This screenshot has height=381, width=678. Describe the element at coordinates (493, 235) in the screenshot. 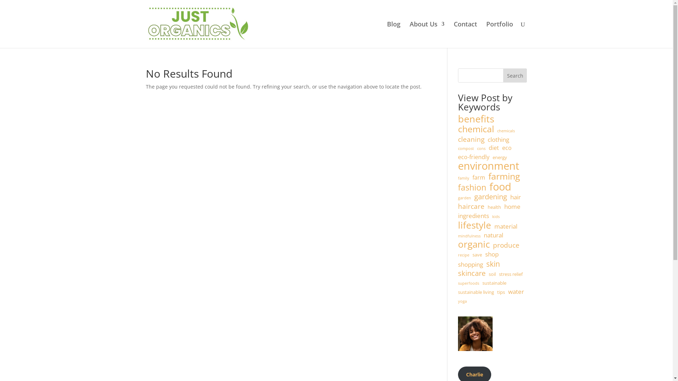

I see `'natural'` at that location.